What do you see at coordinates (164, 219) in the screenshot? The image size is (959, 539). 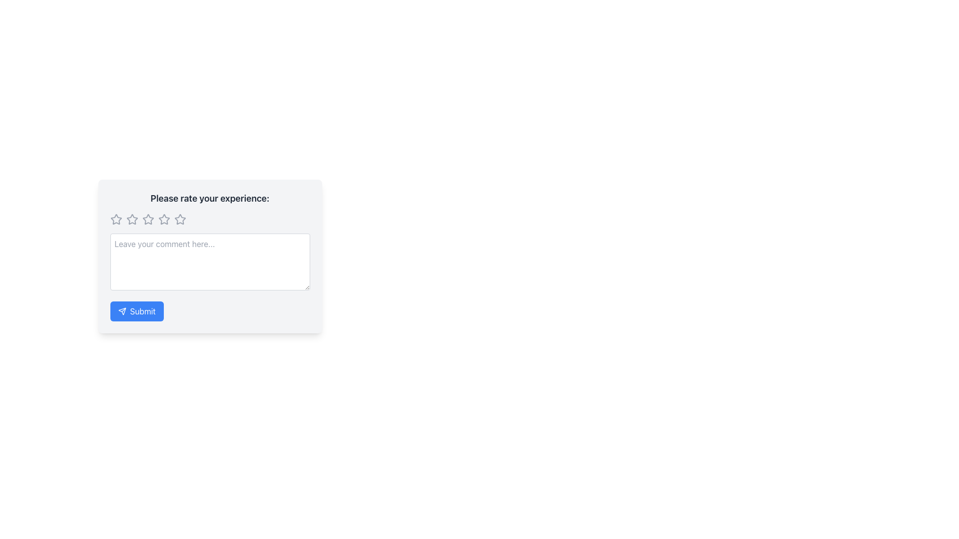 I see `the second star icon in the five-star rating system` at bounding box center [164, 219].